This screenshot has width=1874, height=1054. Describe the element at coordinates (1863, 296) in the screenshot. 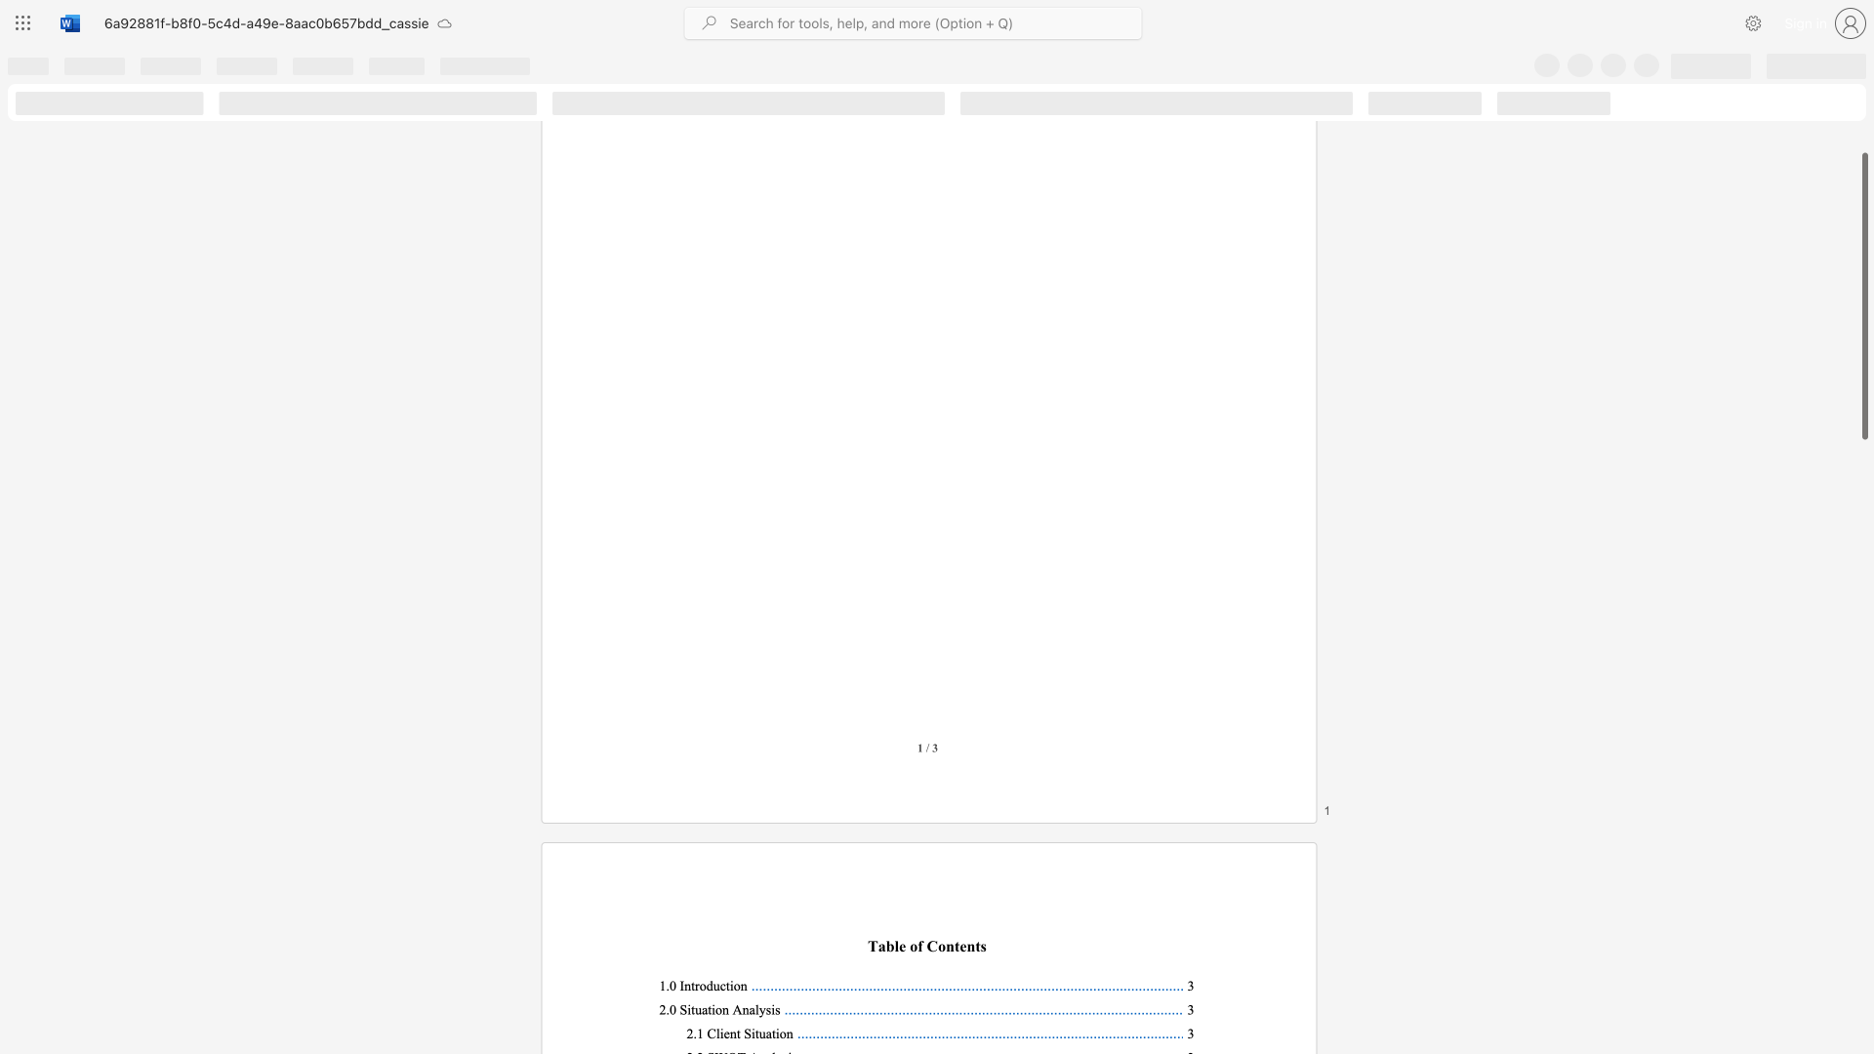

I see `the scrollbar and move down 1590 pixels` at that location.